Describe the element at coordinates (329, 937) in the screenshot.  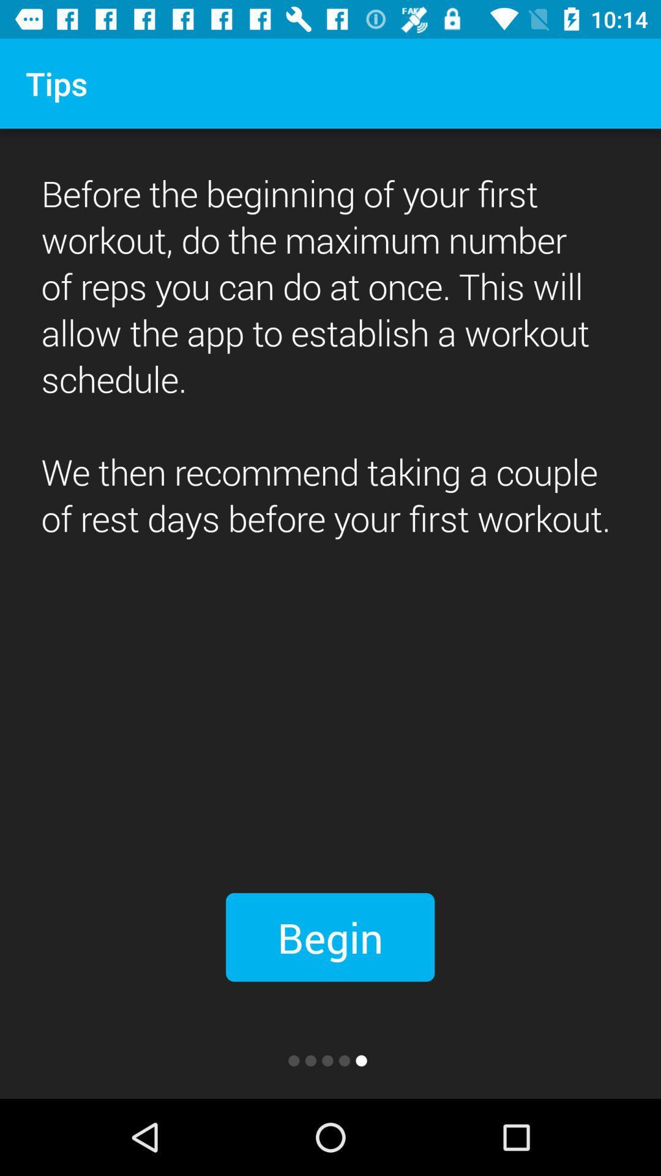
I see `icon below the before the beginning` at that location.